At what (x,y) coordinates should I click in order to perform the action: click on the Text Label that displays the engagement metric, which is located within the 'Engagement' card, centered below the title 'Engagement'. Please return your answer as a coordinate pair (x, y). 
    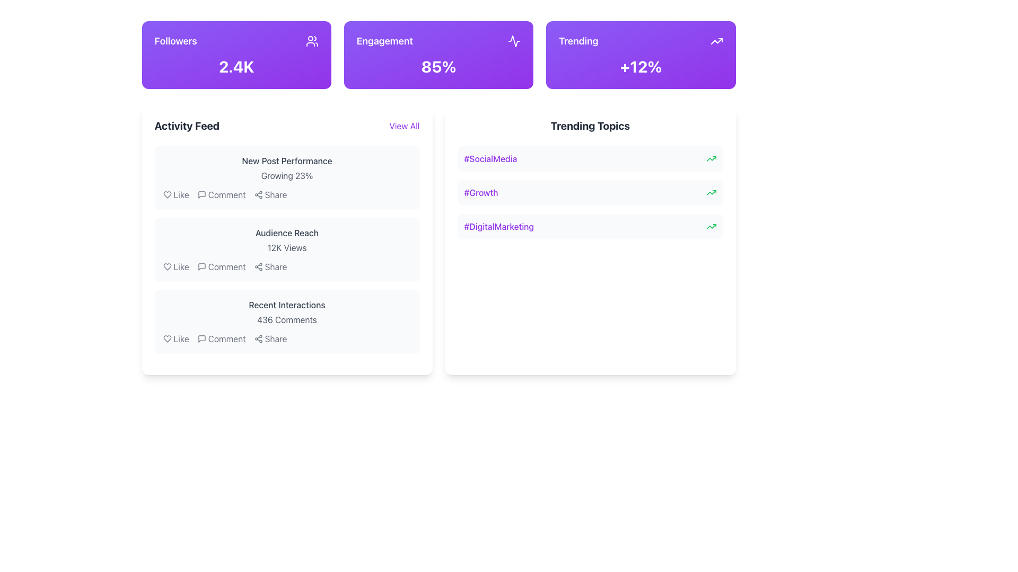
    Looking at the image, I should click on (438, 67).